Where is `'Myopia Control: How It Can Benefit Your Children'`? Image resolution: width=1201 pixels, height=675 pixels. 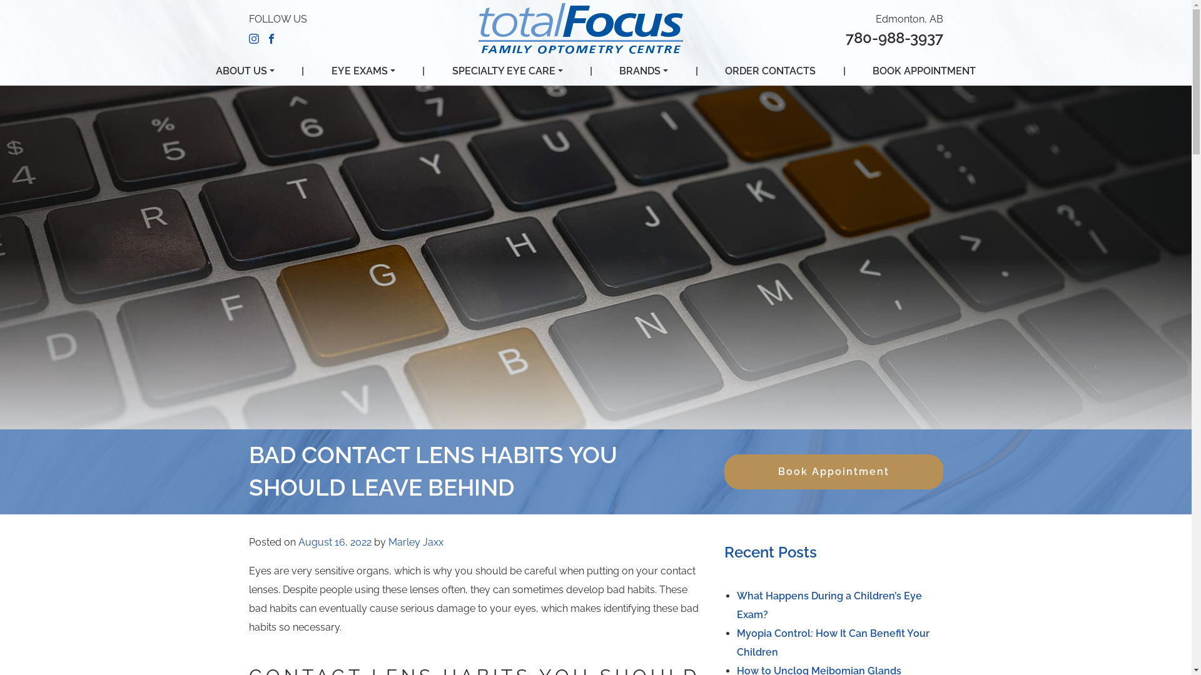 'Myopia Control: How It Can Benefit Your Children' is located at coordinates (833, 642).